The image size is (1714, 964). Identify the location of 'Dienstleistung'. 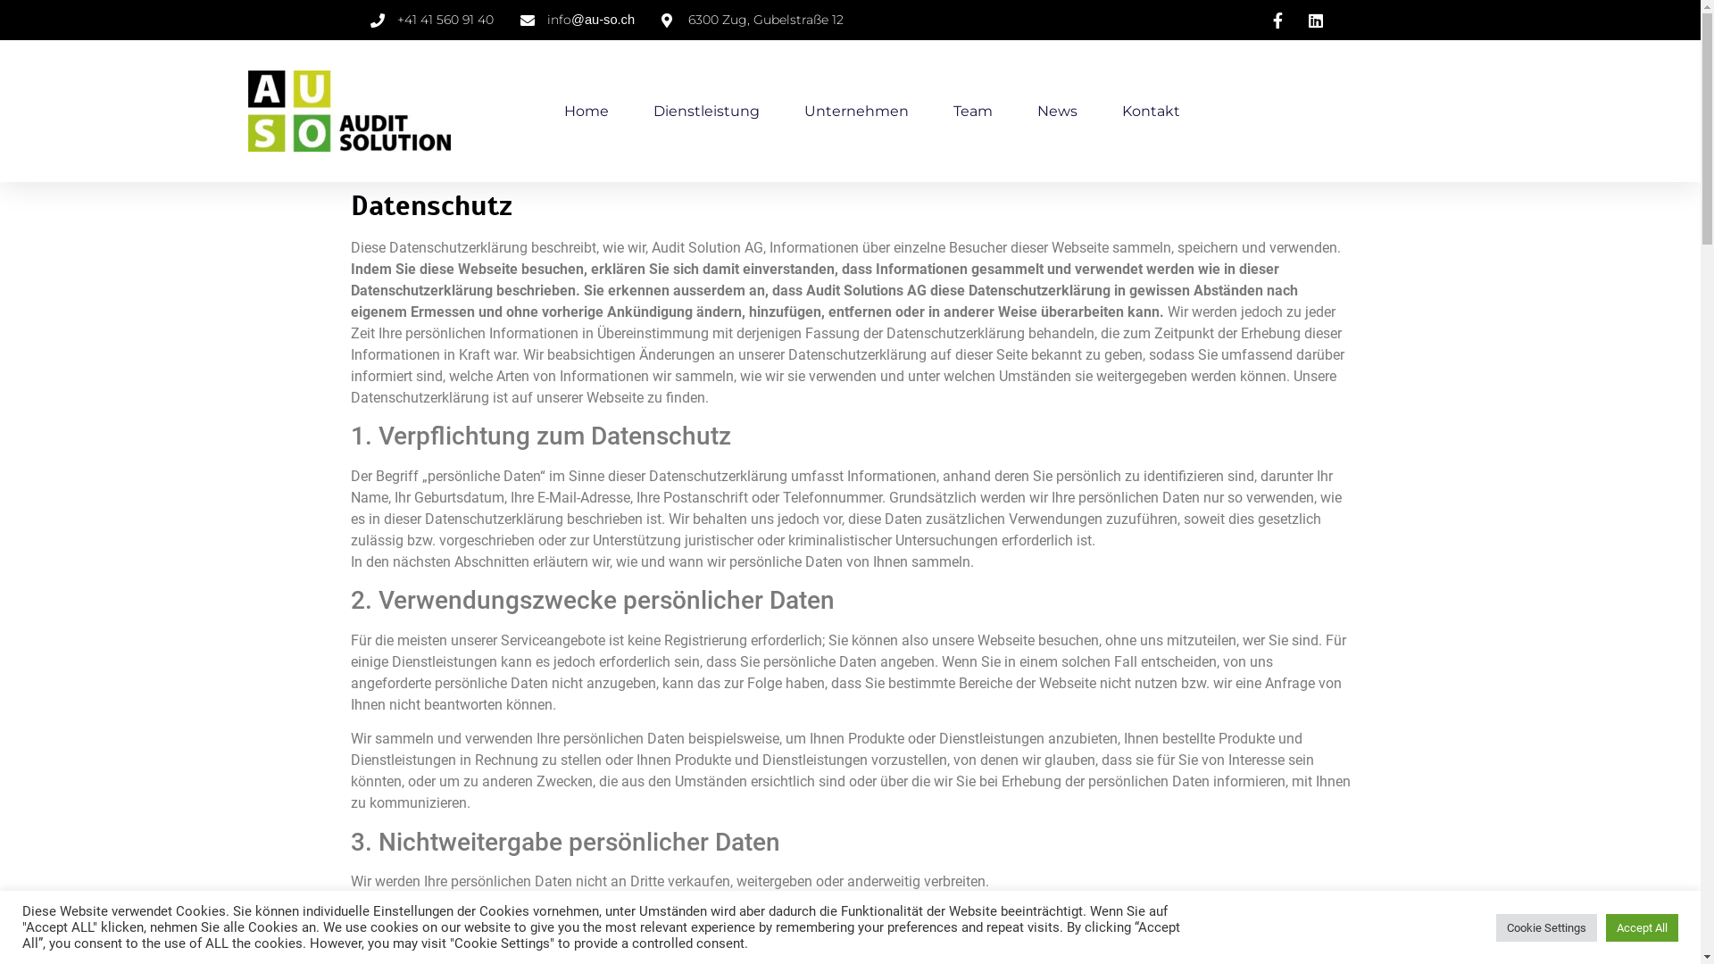
(652, 111).